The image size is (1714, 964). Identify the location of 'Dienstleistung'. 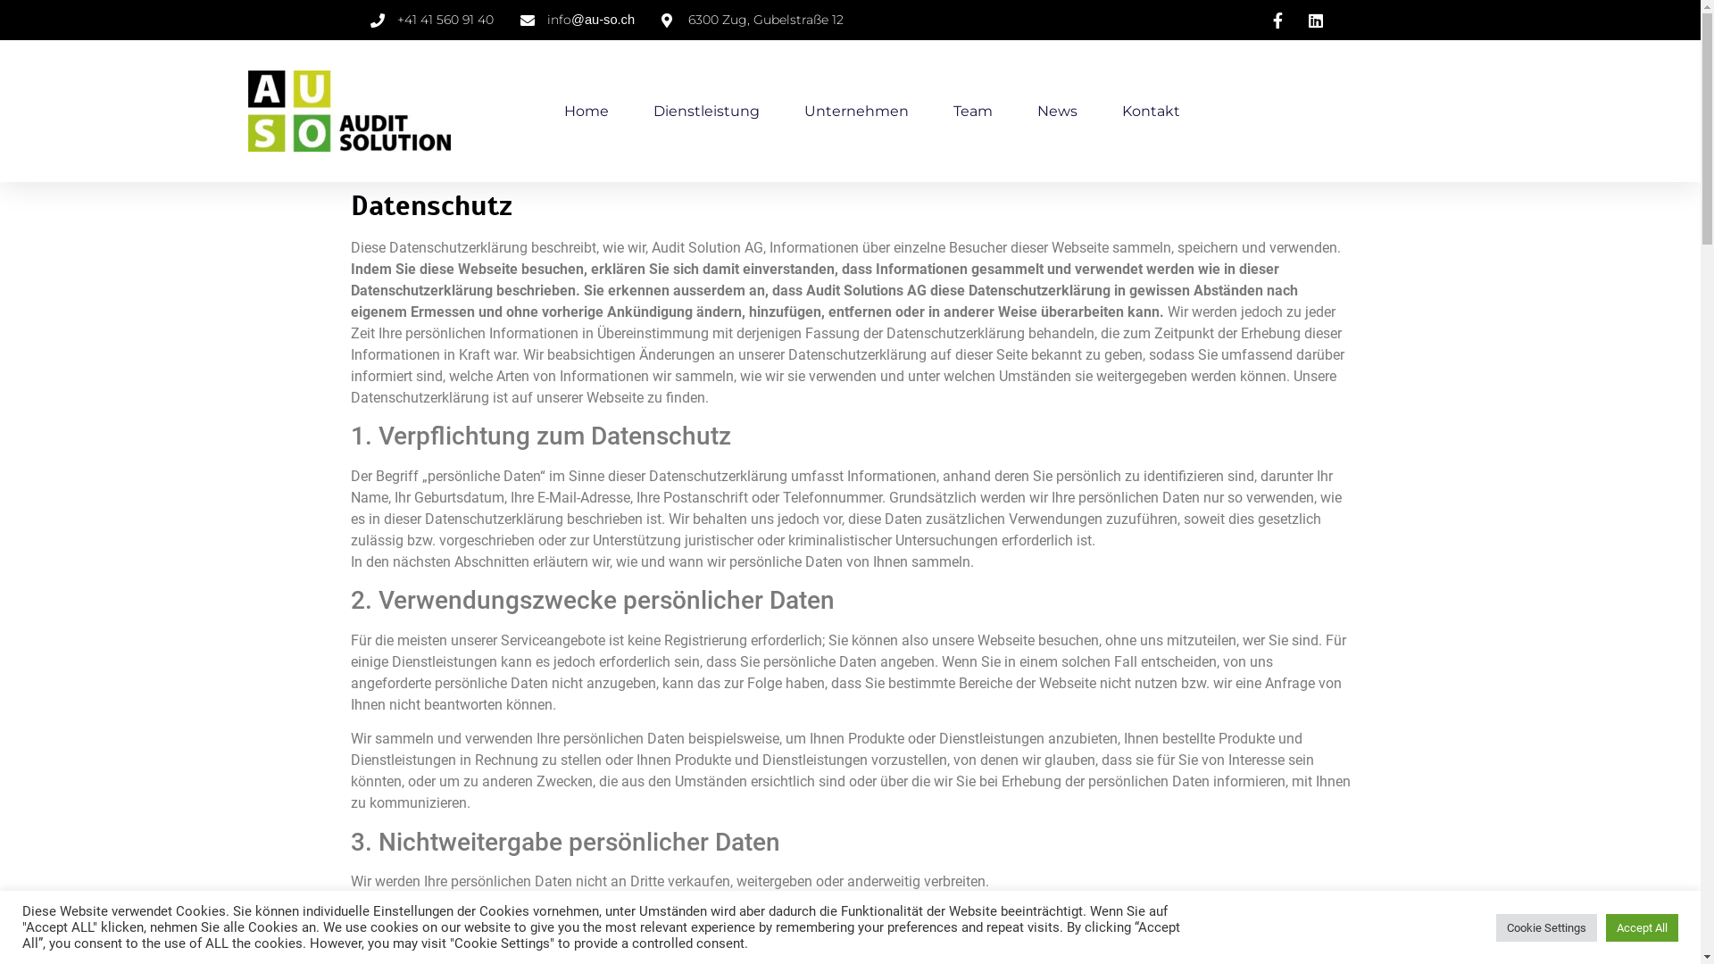
(652, 111).